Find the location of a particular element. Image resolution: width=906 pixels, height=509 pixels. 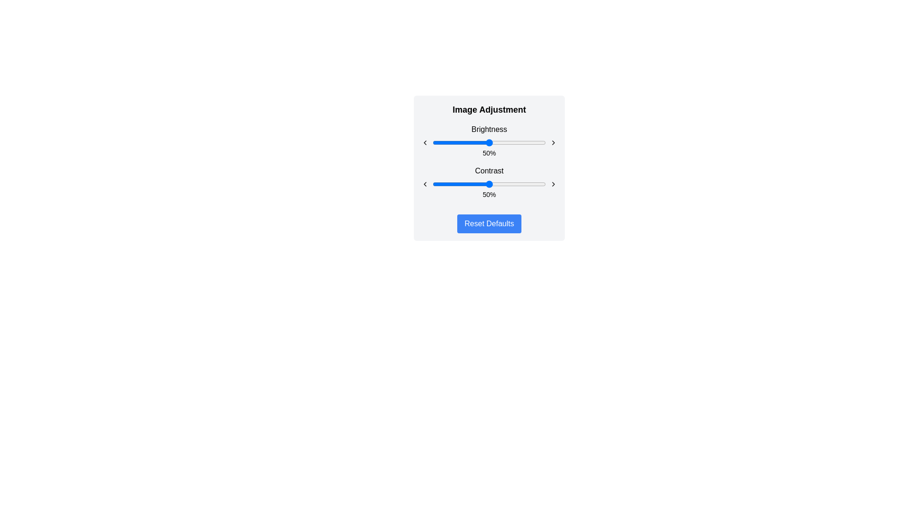

brightness is located at coordinates (544, 143).